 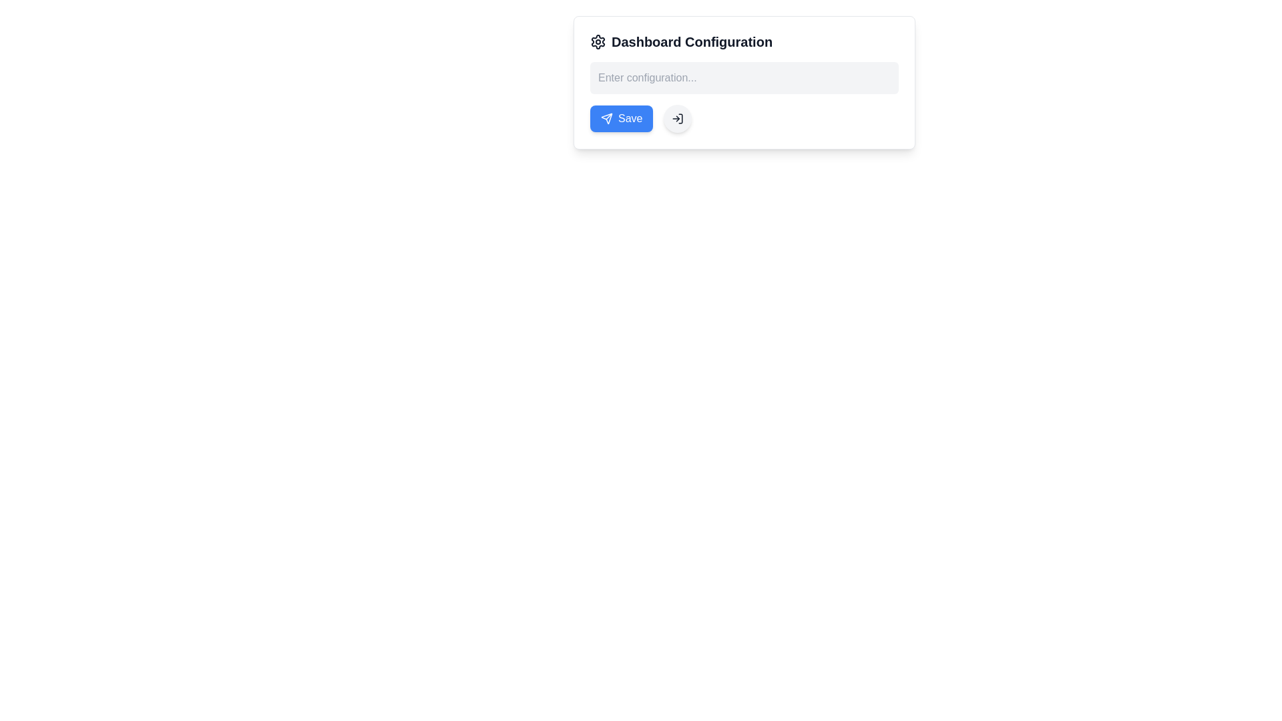 I want to click on the log-in icon located to the right of the blue 'Save' button under the 'Dashboard Configuration' header, so click(x=678, y=117).